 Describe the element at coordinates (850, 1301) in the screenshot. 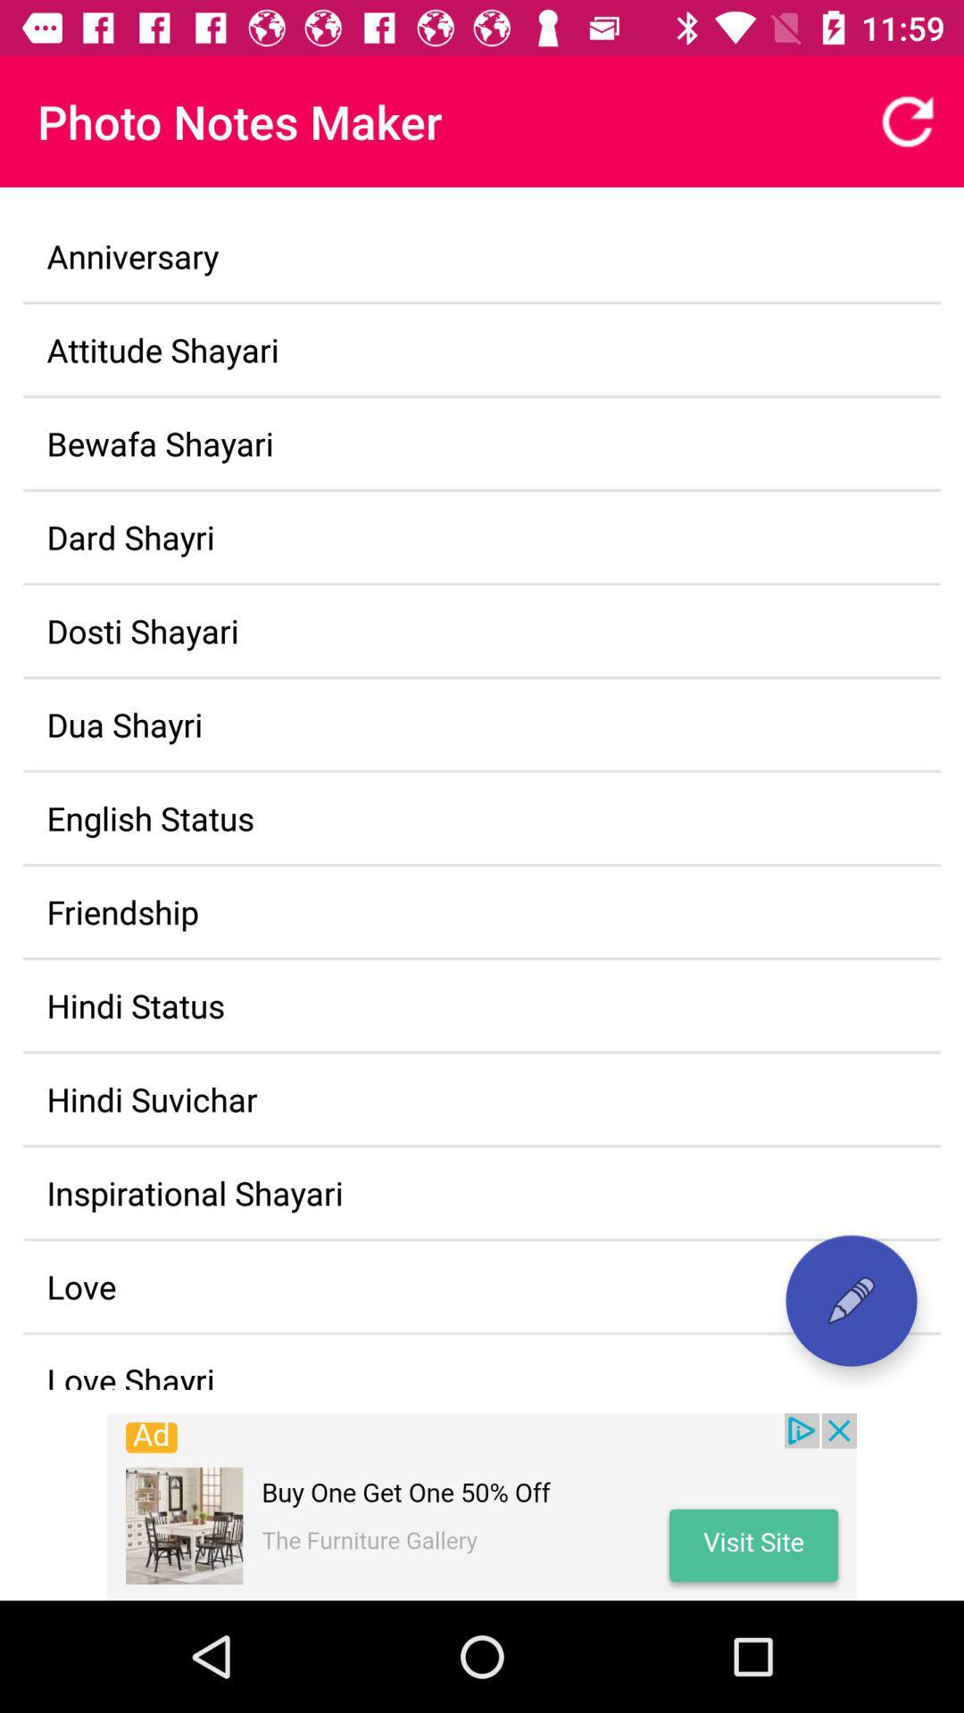

I see `compose new note` at that location.